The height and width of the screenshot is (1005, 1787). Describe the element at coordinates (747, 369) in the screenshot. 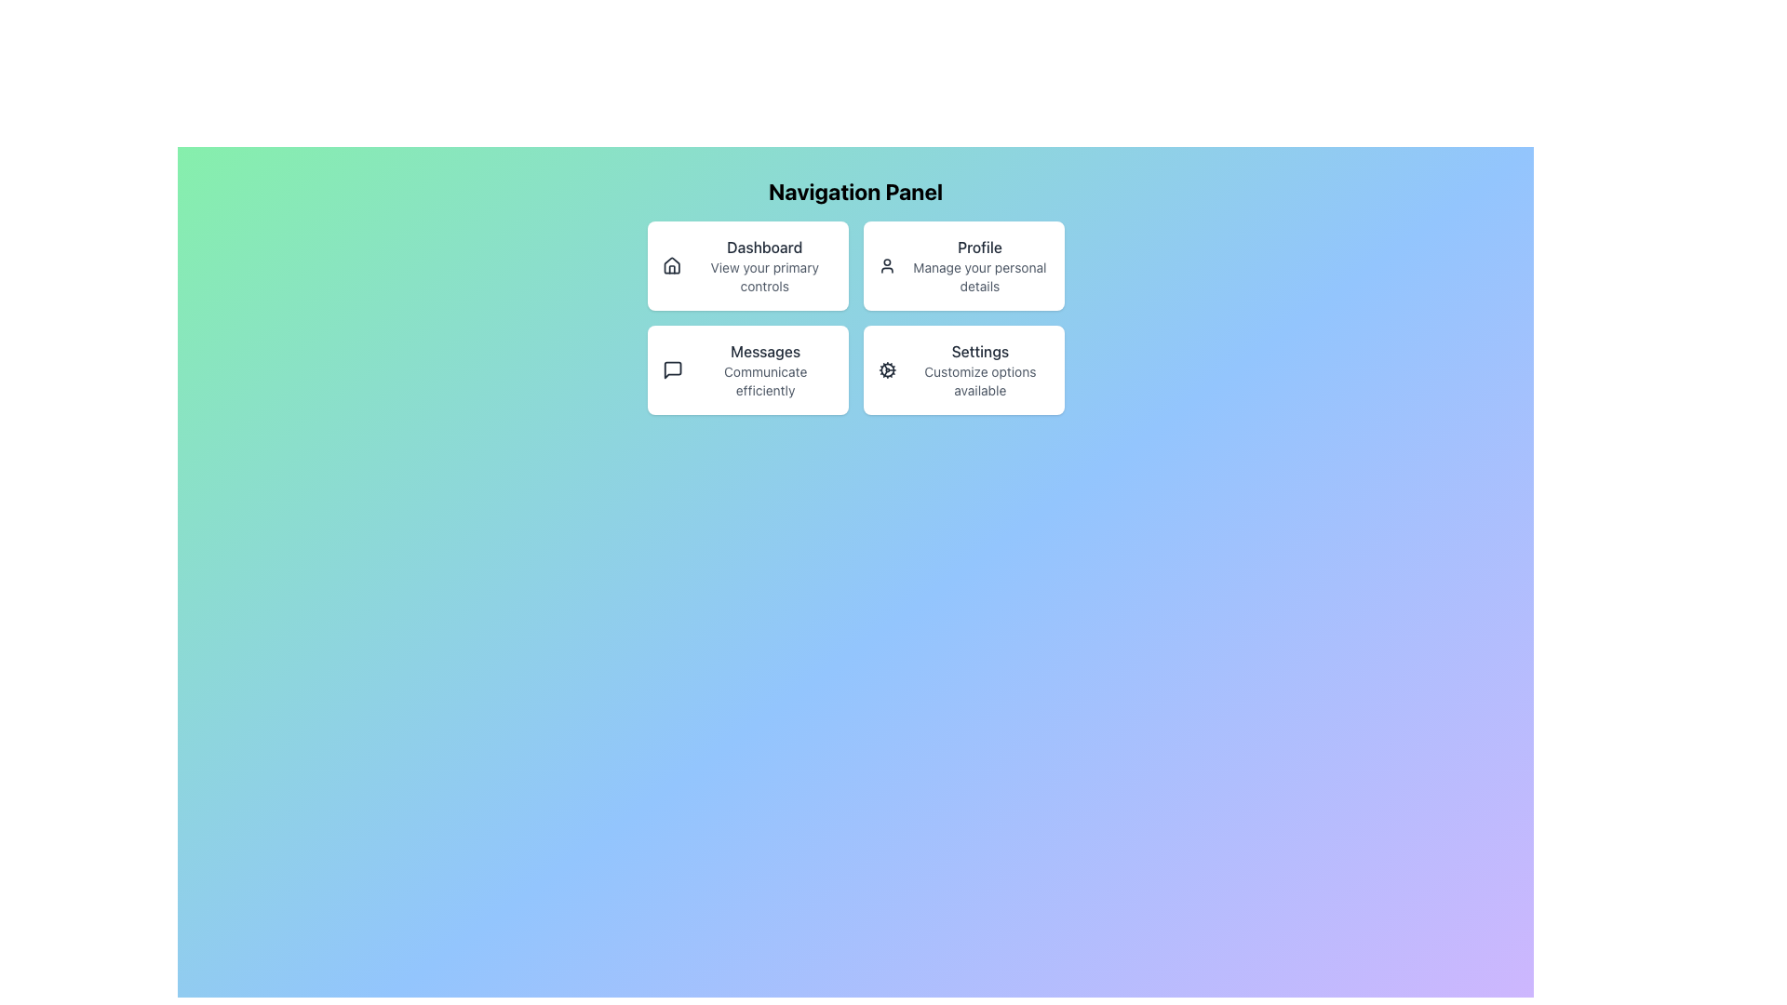

I see `the navigation button` at that location.